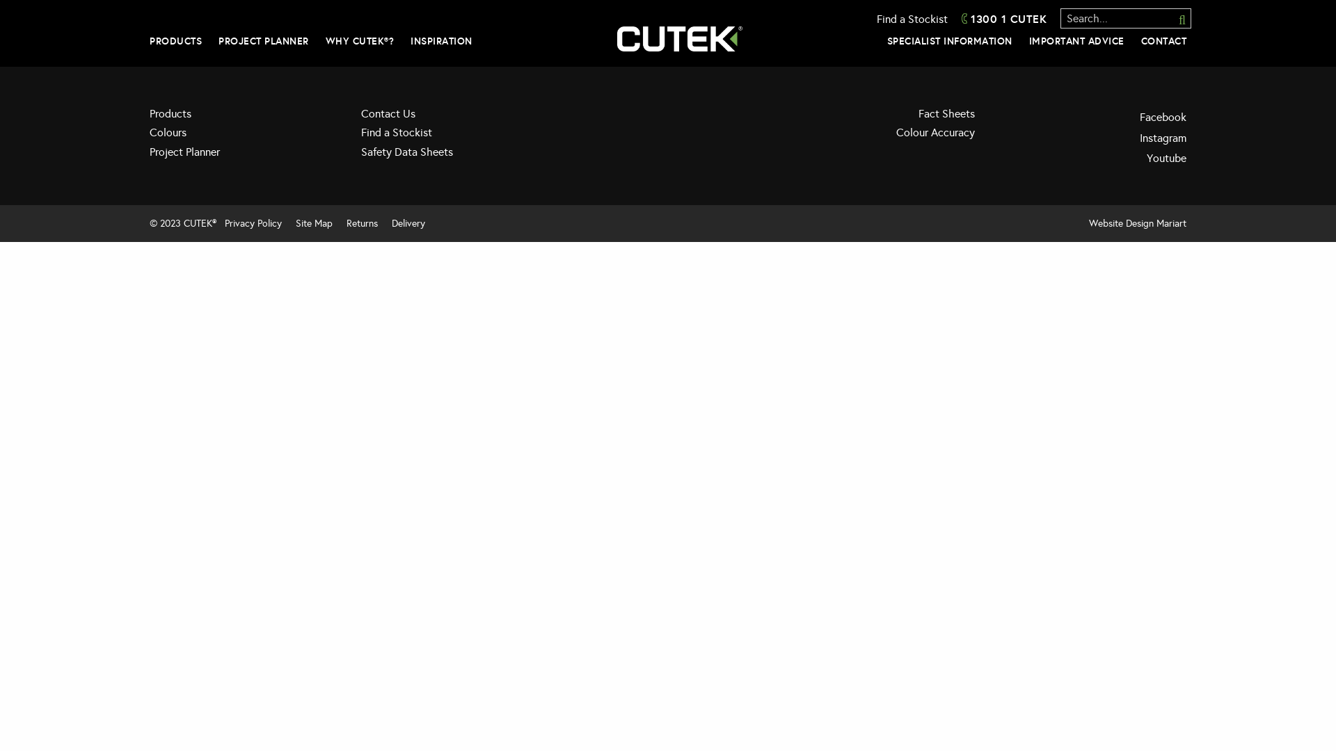 The width and height of the screenshot is (1336, 751). I want to click on 'Colour Accuracy', so click(878, 136).